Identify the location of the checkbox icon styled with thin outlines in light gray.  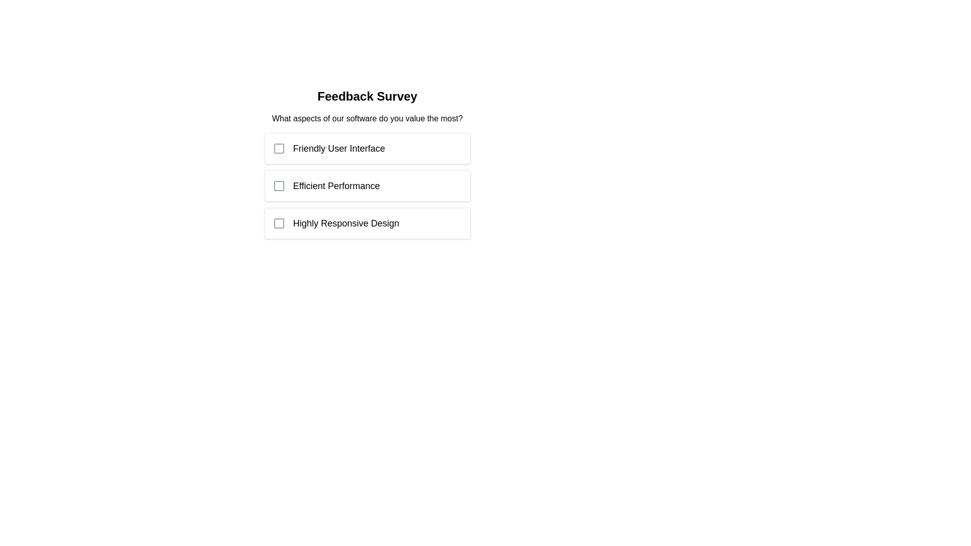
(279, 148).